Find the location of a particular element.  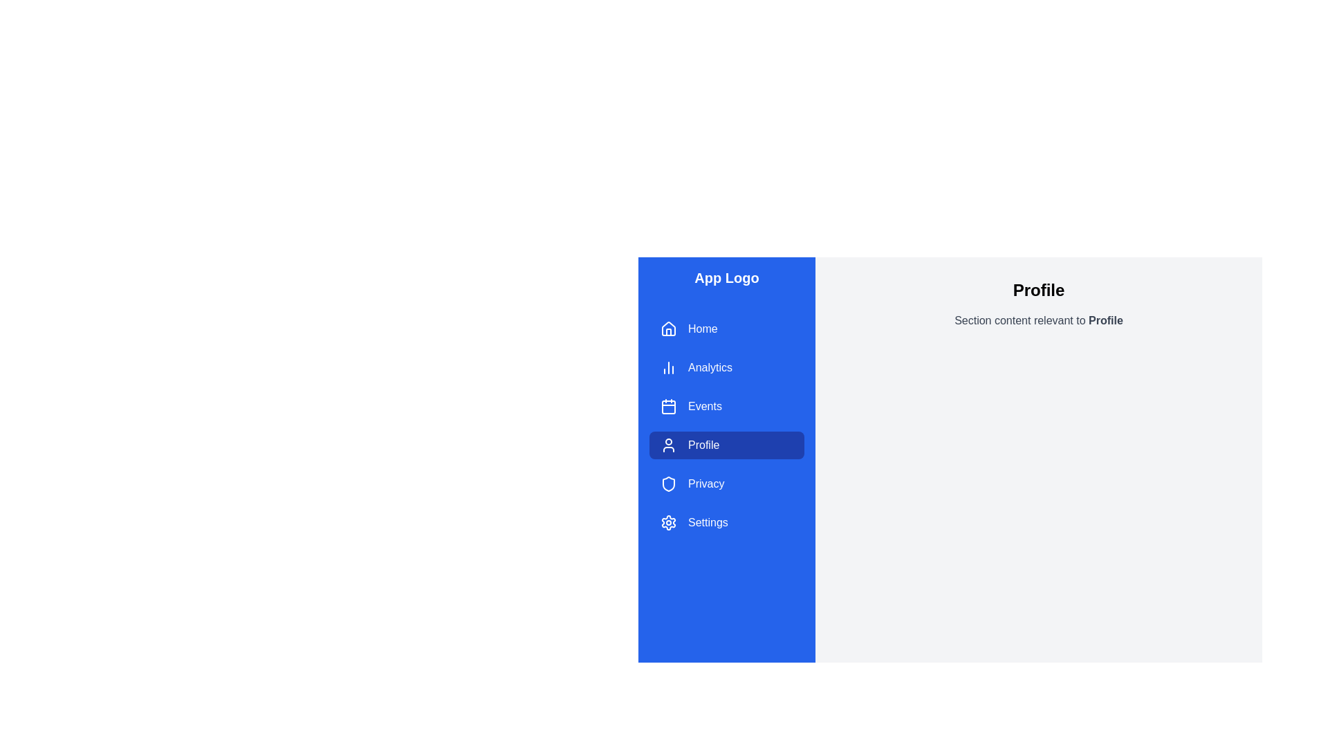

text content displayed in the text field that shows 'Section content relevant to Profile', which is styled in gray with 'Profile' in bold is located at coordinates (1039, 320).